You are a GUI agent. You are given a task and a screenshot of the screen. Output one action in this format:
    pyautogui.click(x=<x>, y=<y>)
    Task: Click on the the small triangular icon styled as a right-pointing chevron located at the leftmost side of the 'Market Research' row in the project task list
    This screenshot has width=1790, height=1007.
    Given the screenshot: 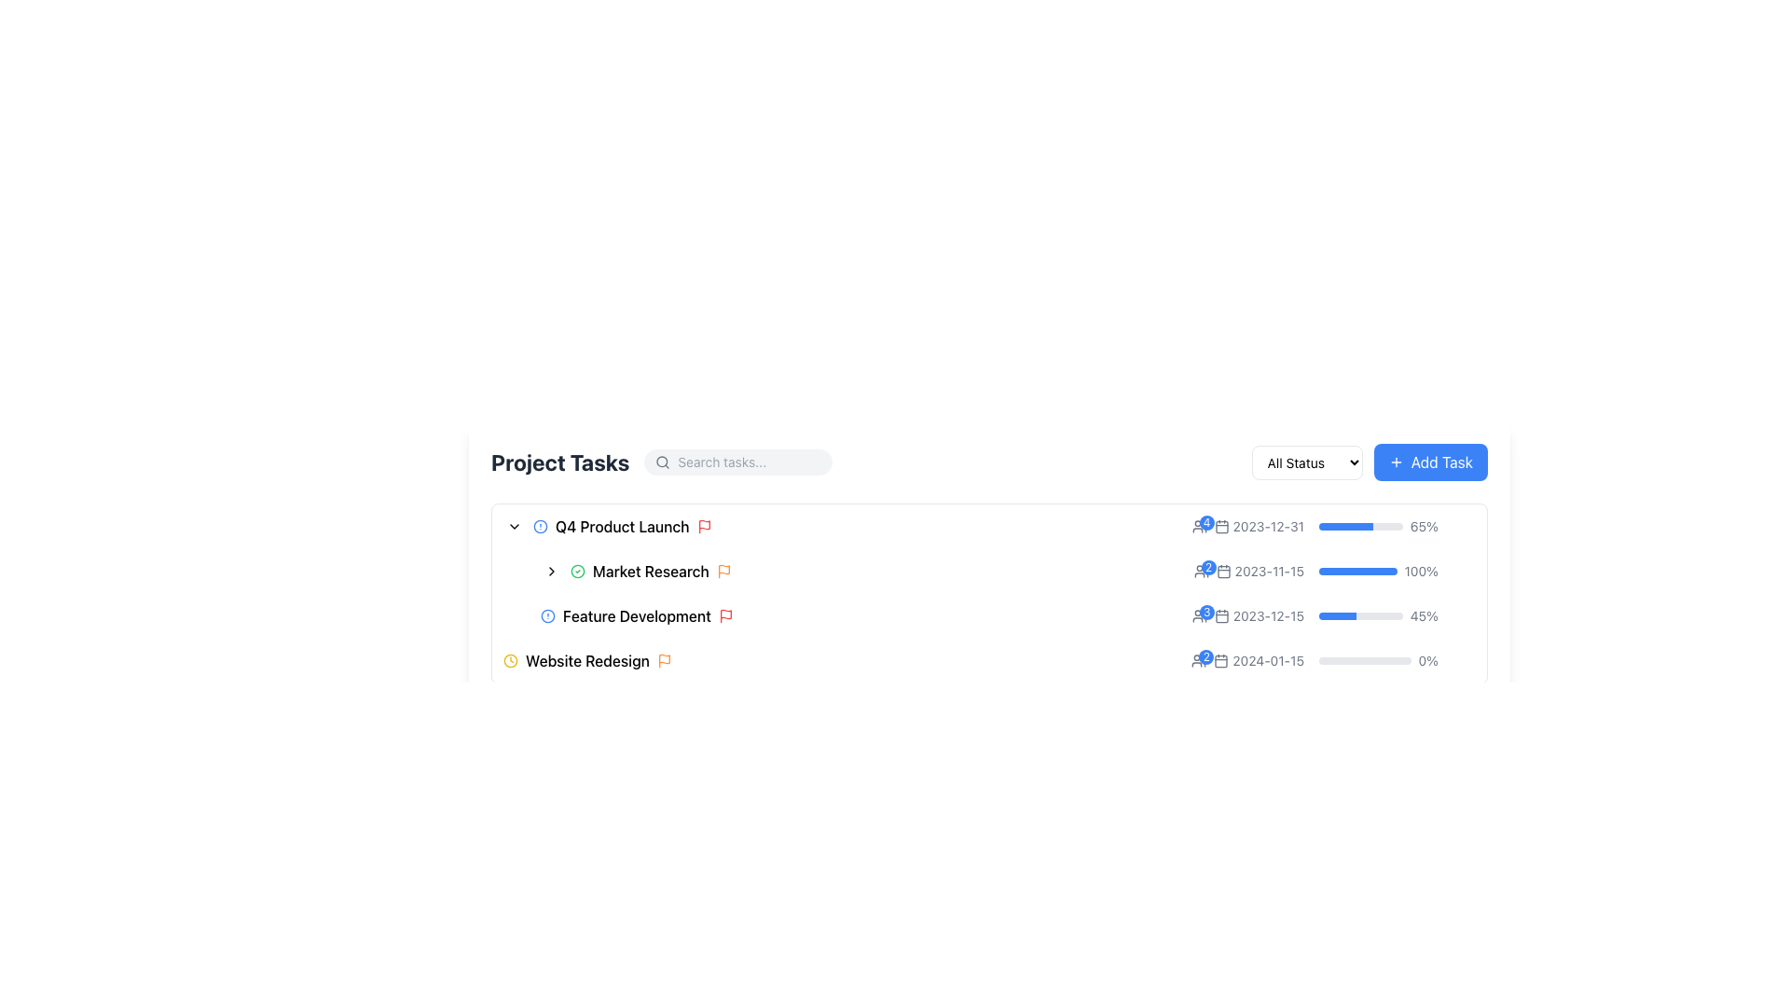 What is the action you would take?
    pyautogui.click(x=550, y=571)
    